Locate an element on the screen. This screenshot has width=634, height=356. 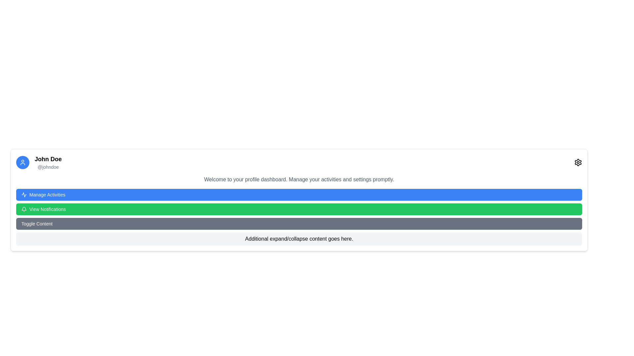
the minimalist activity waveform icon located to the left of the 'Manage Activities' text within the blue button in the top action area is located at coordinates (24, 194).